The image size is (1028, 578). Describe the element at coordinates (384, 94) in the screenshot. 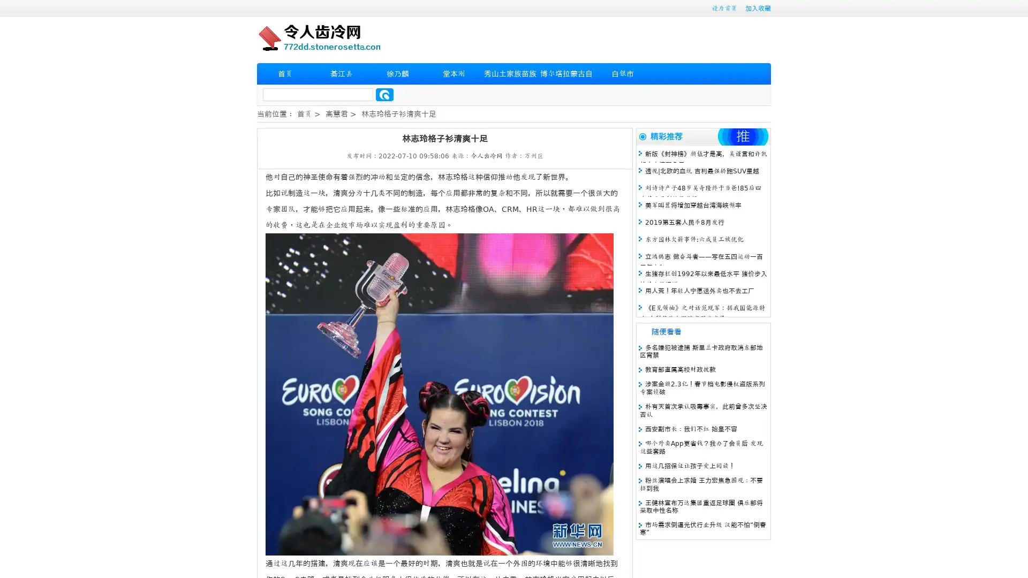

I see `Search` at that location.